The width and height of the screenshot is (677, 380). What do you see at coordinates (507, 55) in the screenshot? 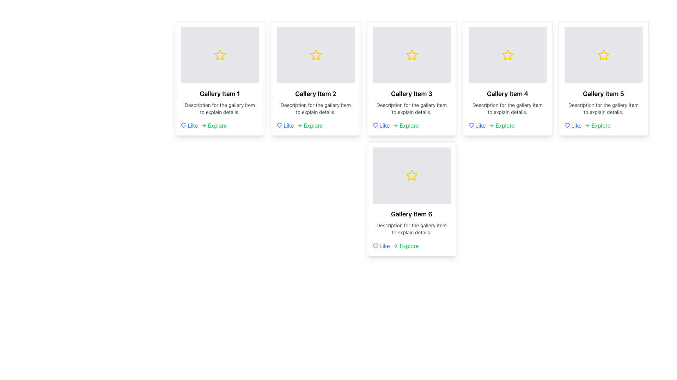
I see `the star icon located at the top of the gallery card labeled 'Gallery Item 4'` at bounding box center [507, 55].